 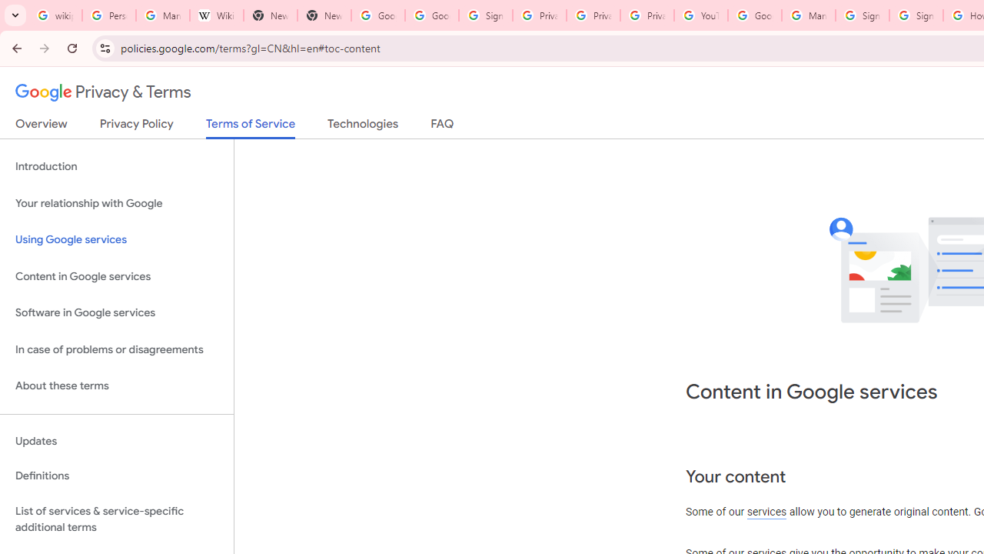 I want to click on 'Wikipedia:Edit requests - Wikipedia', so click(x=216, y=15).